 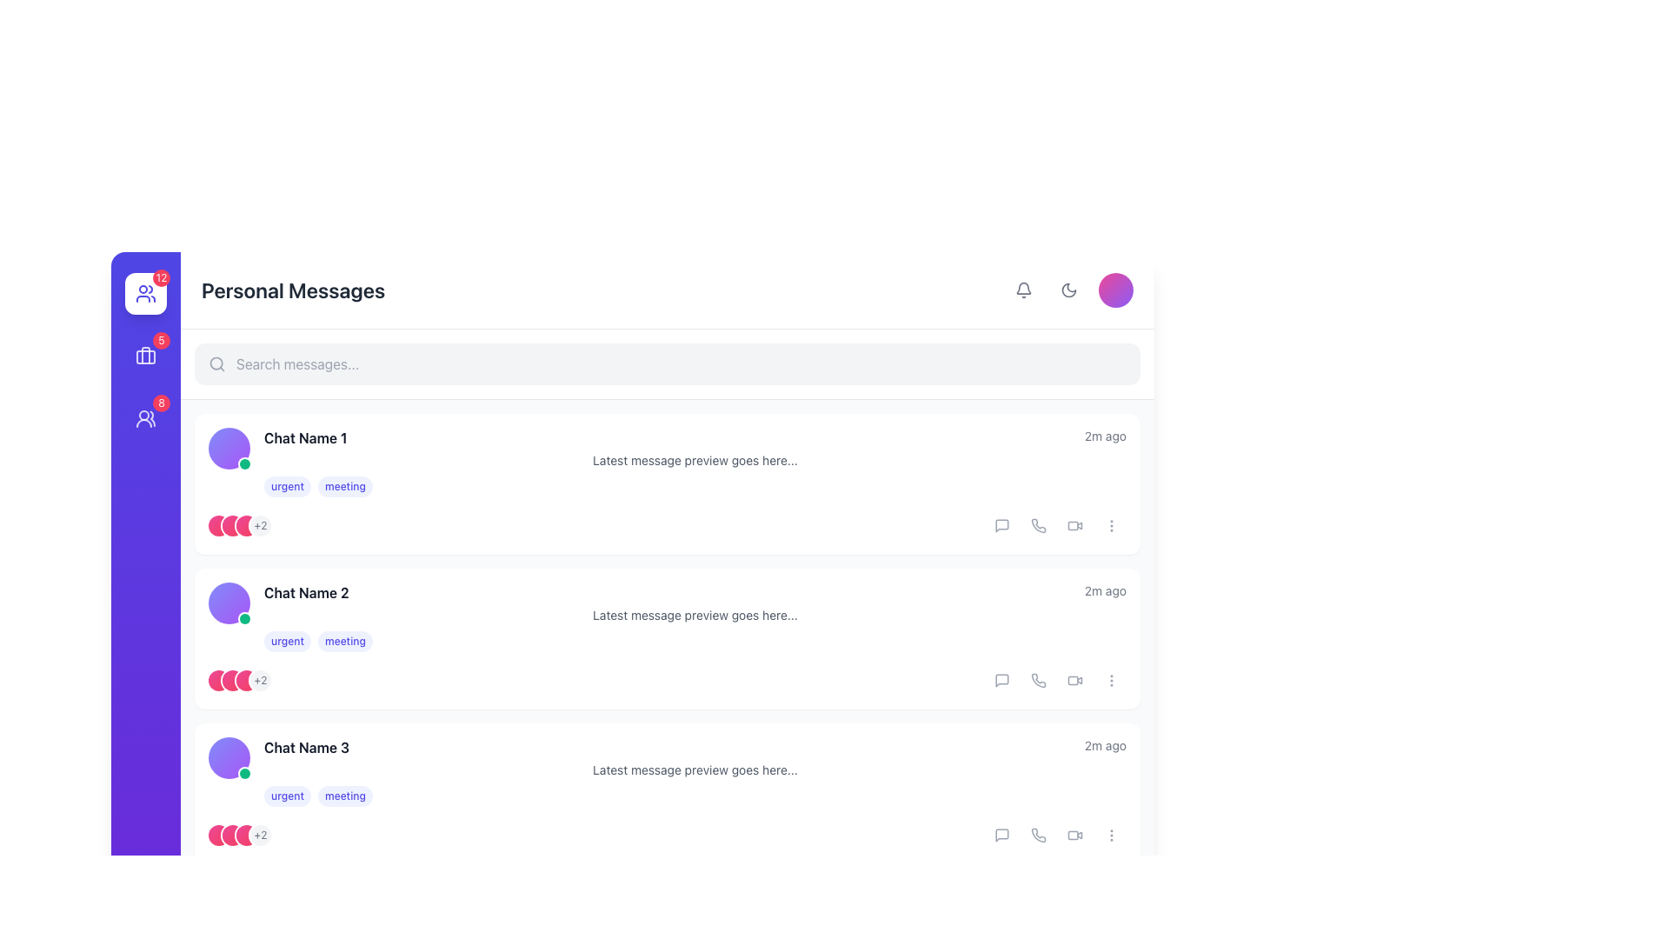 What do you see at coordinates (1074, 680) in the screenshot?
I see `the video camera icon, which is the fourth icon in the row of interactive elements at the far right of the second chat entry, to initiate a video action` at bounding box center [1074, 680].